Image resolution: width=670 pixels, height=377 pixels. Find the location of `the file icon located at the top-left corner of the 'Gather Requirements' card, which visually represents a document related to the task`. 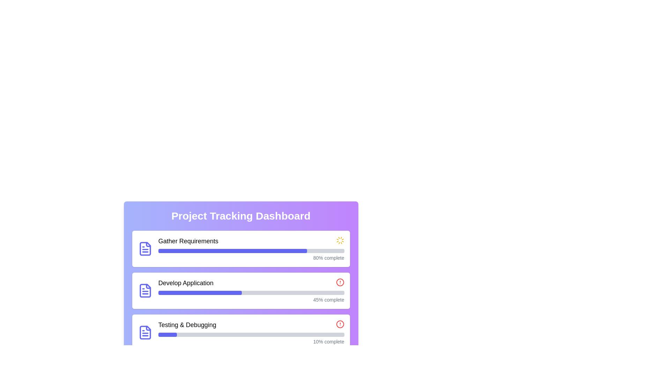

the file icon located at the top-left corner of the 'Gather Requirements' card, which visually represents a document related to the task is located at coordinates (145, 249).